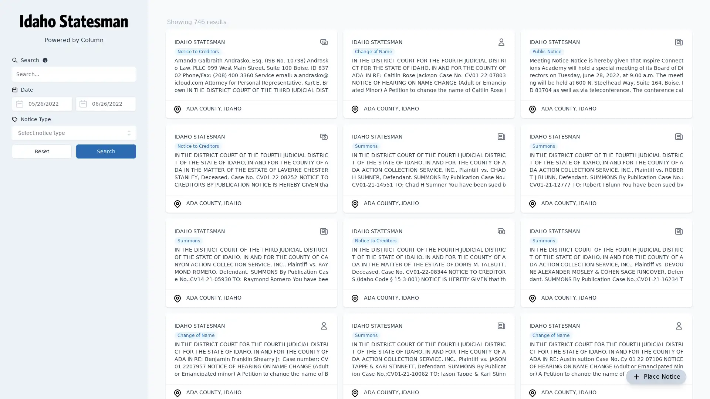 This screenshot has width=710, height=399. I want to click on Reset search, so click(41, 151).